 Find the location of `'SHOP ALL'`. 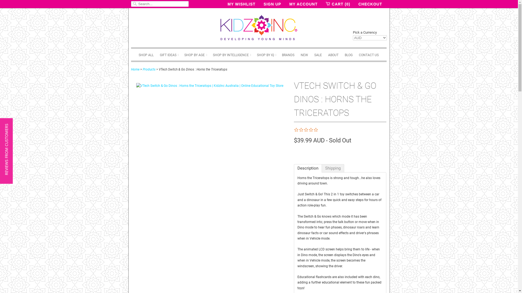

'SHOP ALL' is located at coordinates (146, 55).